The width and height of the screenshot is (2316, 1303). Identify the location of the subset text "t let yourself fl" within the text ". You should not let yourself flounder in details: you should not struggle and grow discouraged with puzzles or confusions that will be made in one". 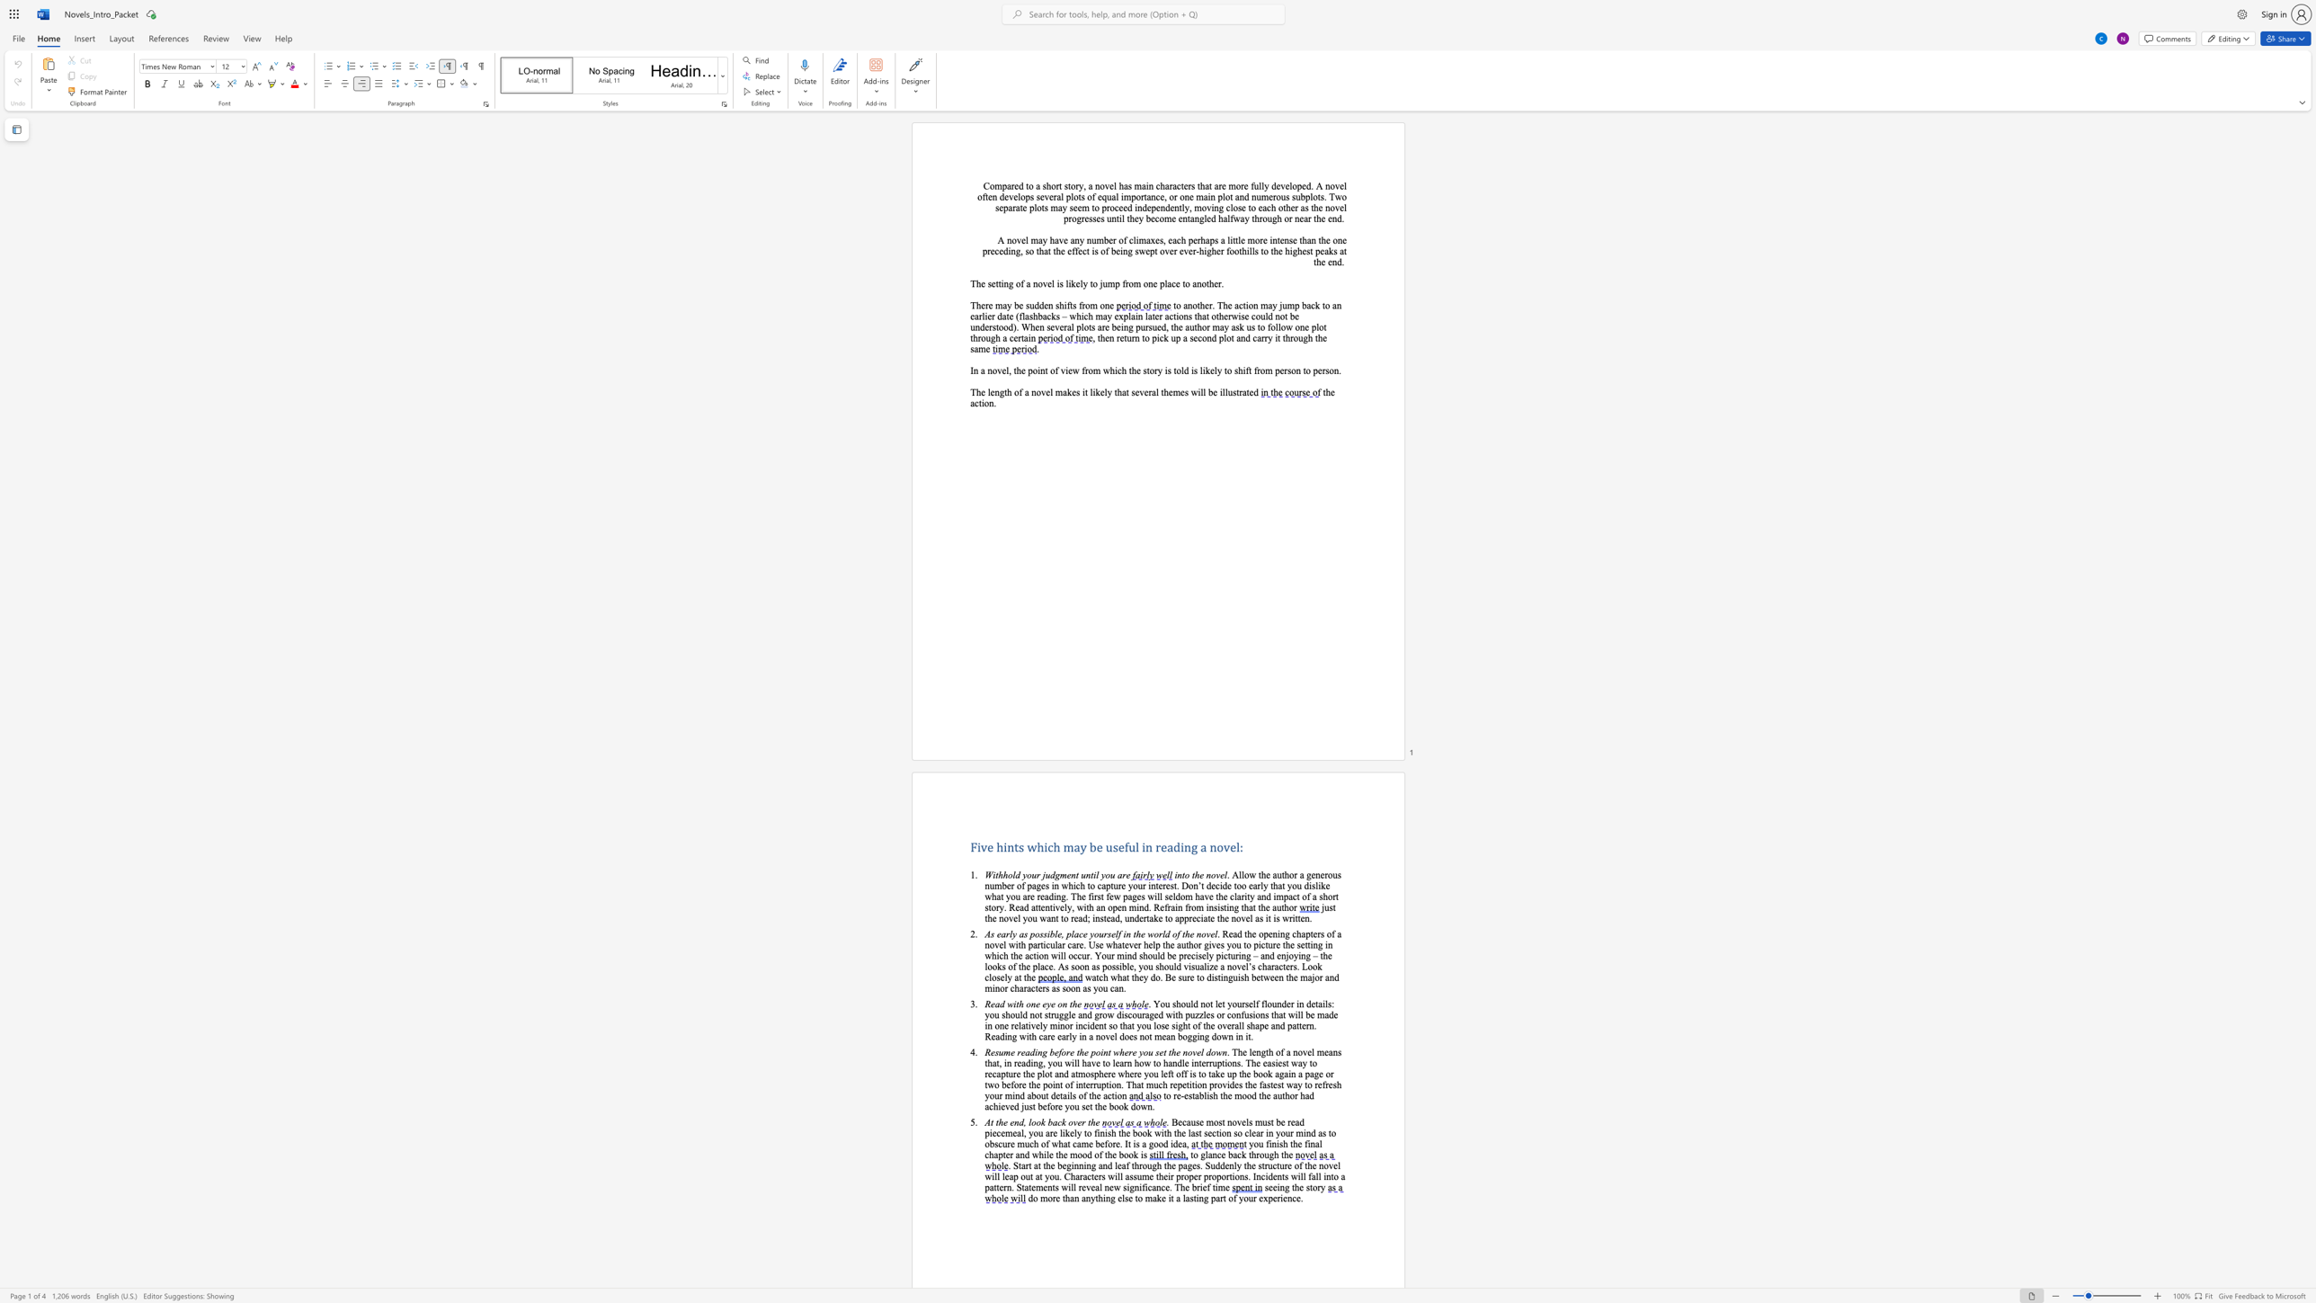
(1209, 1004).